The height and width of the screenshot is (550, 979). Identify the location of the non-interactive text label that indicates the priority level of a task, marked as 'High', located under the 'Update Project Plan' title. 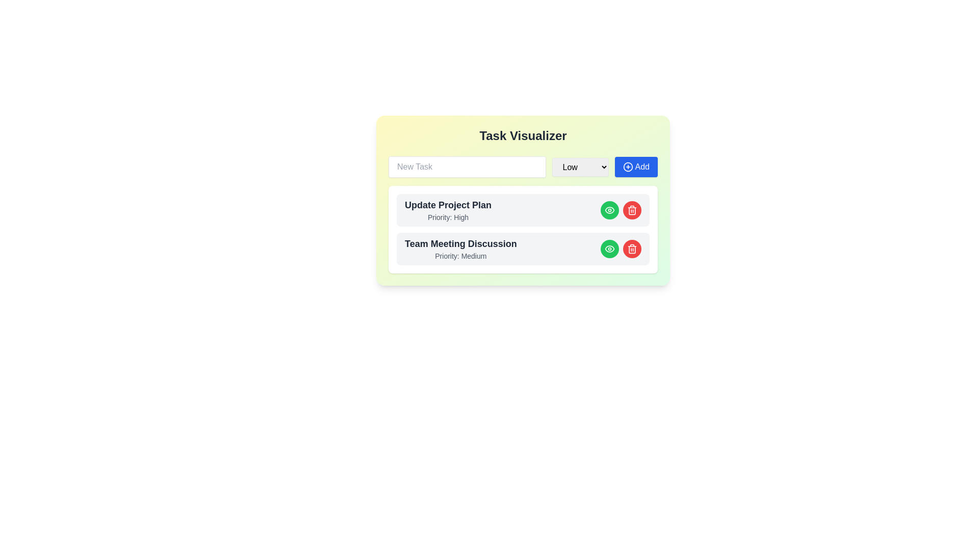
(448, 217).